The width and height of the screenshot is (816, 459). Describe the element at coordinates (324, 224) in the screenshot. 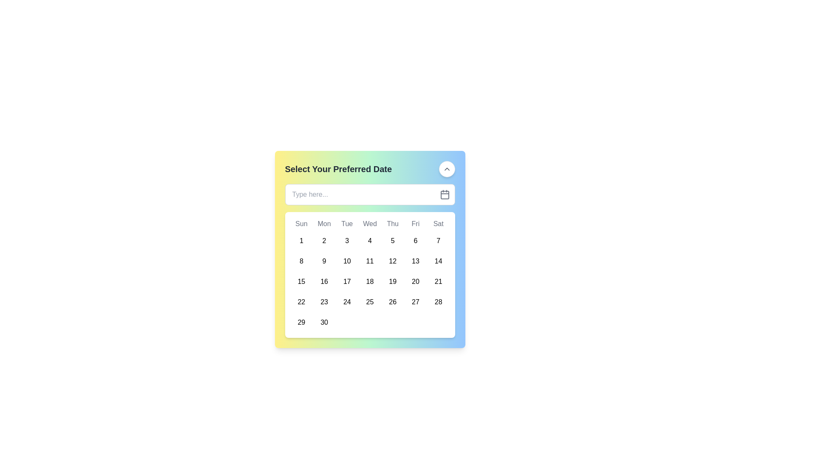

I see `the Text Label displaying 'Mon', which is styled in gray and positioned between 'Sun' and 'Tue' in the calendar component` at that location.